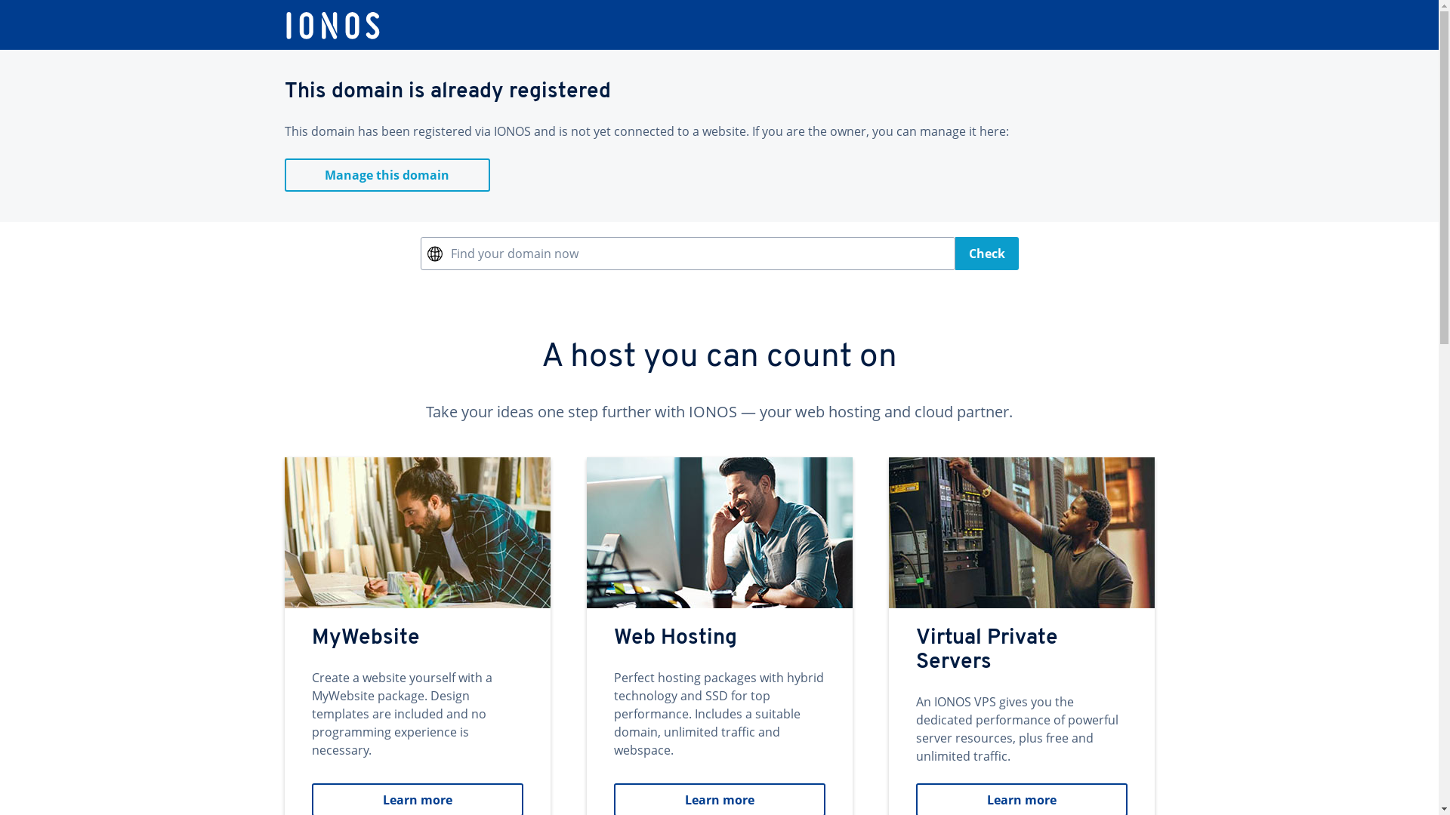  I want to click on 'Manage this domain', so click(387, 174).